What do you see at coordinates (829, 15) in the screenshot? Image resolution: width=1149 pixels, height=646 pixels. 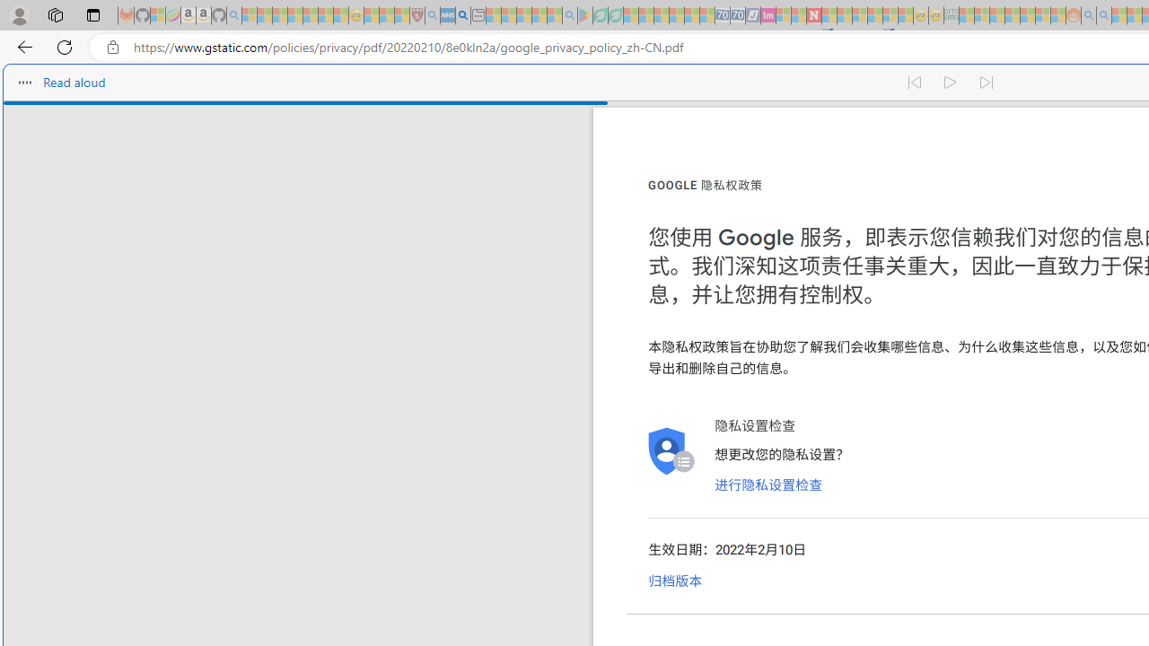 I see `'Trusted Community Engagement and Contributions | Guidelines'` at bounding box center [829, 15].